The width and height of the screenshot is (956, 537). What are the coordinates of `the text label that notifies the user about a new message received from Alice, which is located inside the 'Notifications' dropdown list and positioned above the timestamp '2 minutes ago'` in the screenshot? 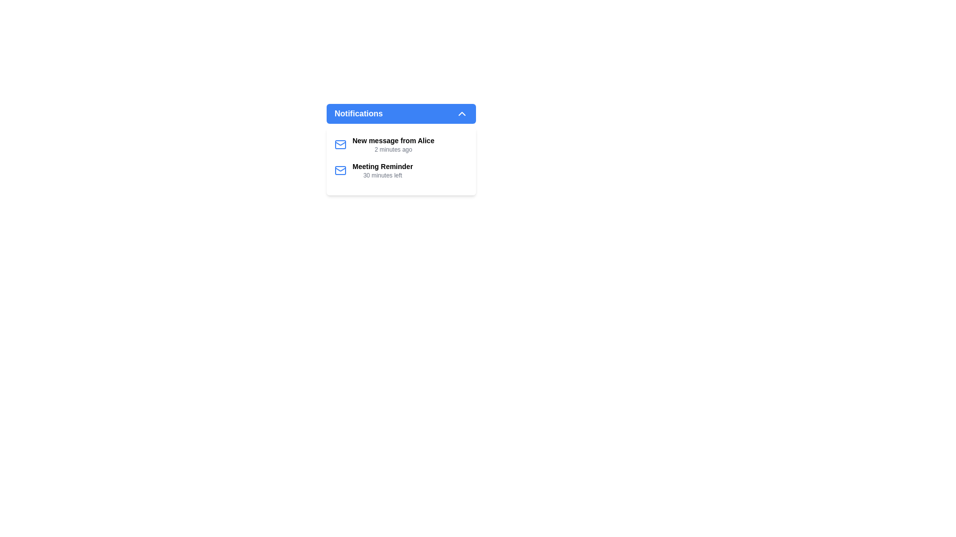 It's located at (393, 140).